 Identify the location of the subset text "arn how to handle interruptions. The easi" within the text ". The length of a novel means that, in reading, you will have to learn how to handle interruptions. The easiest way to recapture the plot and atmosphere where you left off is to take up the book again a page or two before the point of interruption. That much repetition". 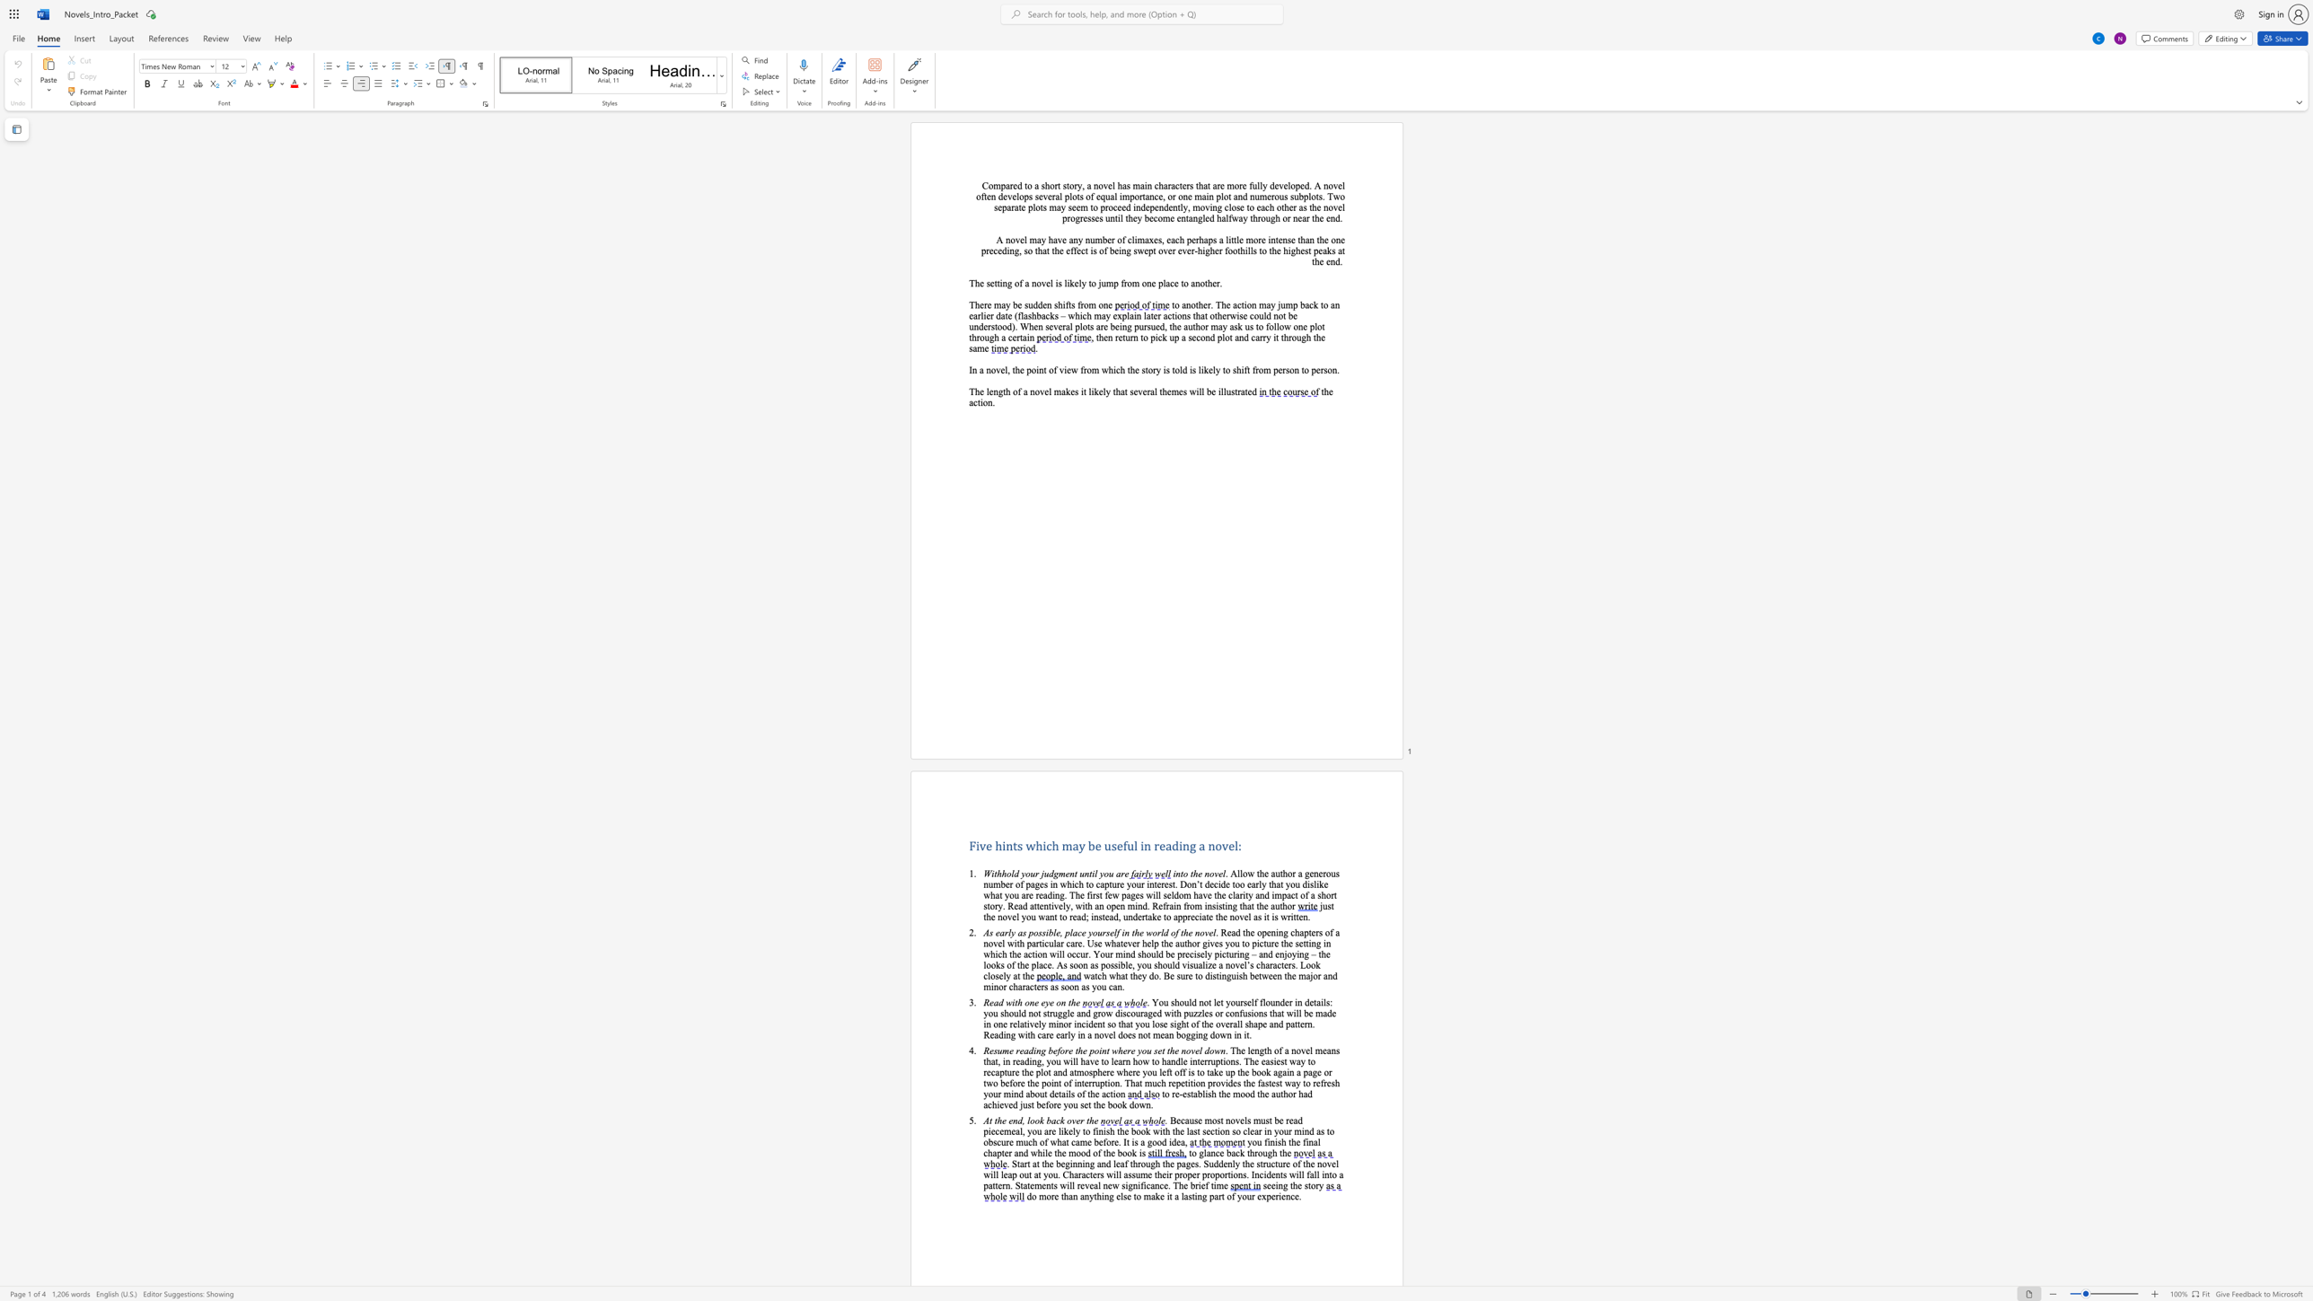
(1117, 1060).